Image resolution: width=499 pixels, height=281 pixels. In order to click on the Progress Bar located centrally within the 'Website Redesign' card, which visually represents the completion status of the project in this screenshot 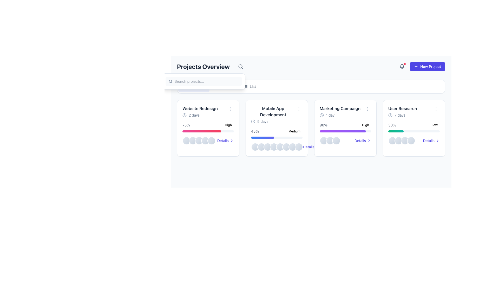, I will do `click(208, 131)`.